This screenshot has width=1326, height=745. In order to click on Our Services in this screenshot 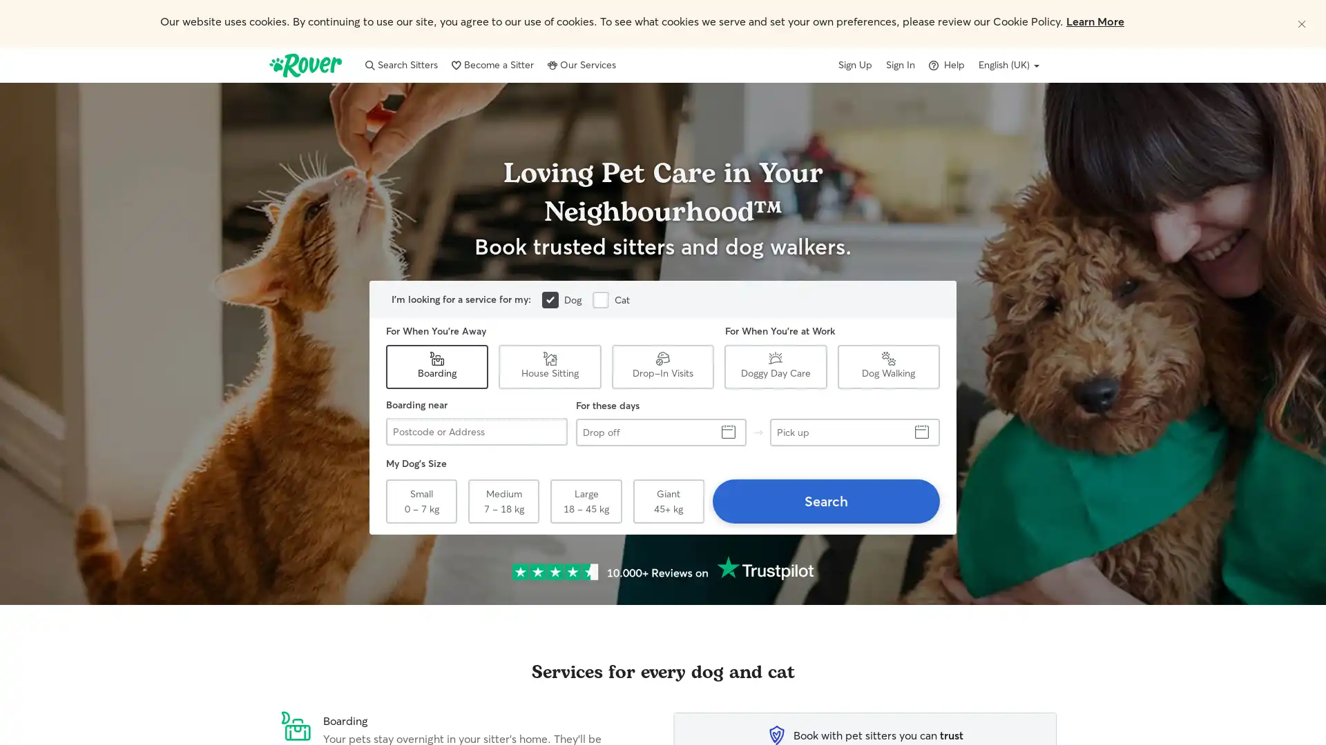, I will do `click(582, 64)`.